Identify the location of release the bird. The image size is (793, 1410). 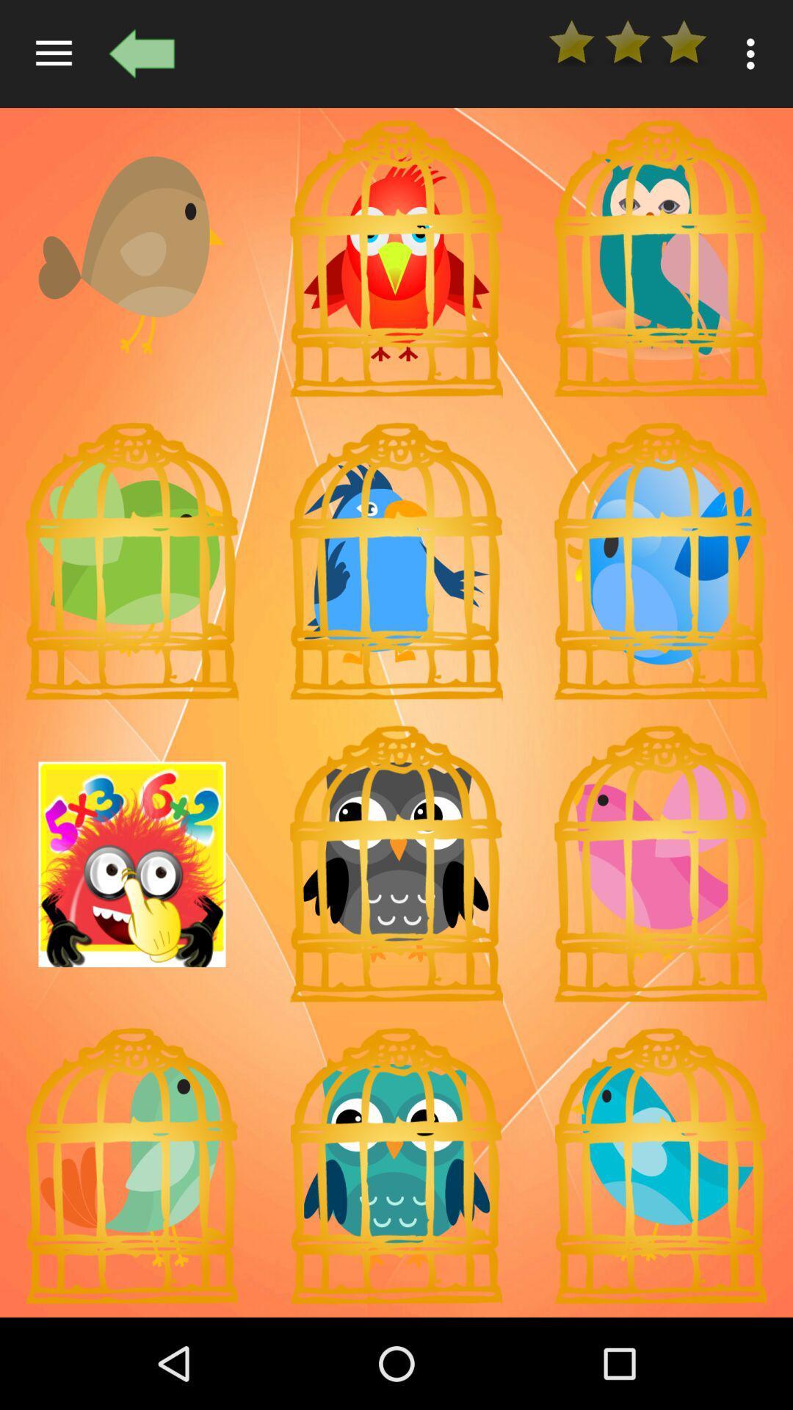
(396, 560).